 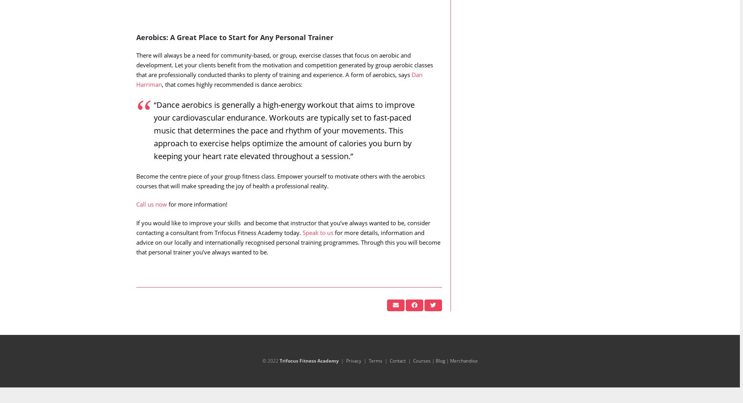 I want to click on 'There will always be a need for community-based, or group, exercise classes that focus on aerobic and development. Let your clients benefit from the motivation and competition generated by group aerobic classes that are professionally conducted thanks to plenty of training and experience. A form of aerobics, says', so click(x=284, y=80).